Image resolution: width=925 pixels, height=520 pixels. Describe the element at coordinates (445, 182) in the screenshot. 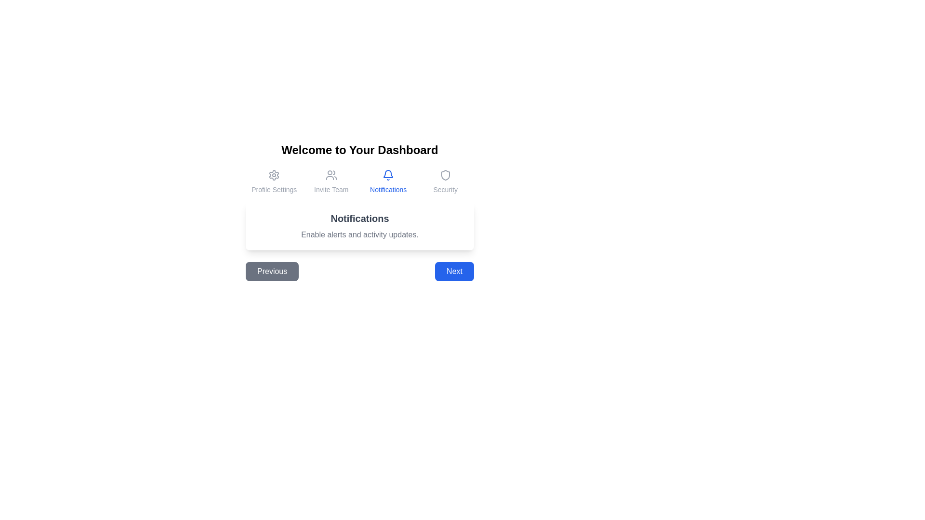

I see `the Text label with an associated icon that accesses security-related settings, located as the fourth item in the horizontal row of sections` at that location.